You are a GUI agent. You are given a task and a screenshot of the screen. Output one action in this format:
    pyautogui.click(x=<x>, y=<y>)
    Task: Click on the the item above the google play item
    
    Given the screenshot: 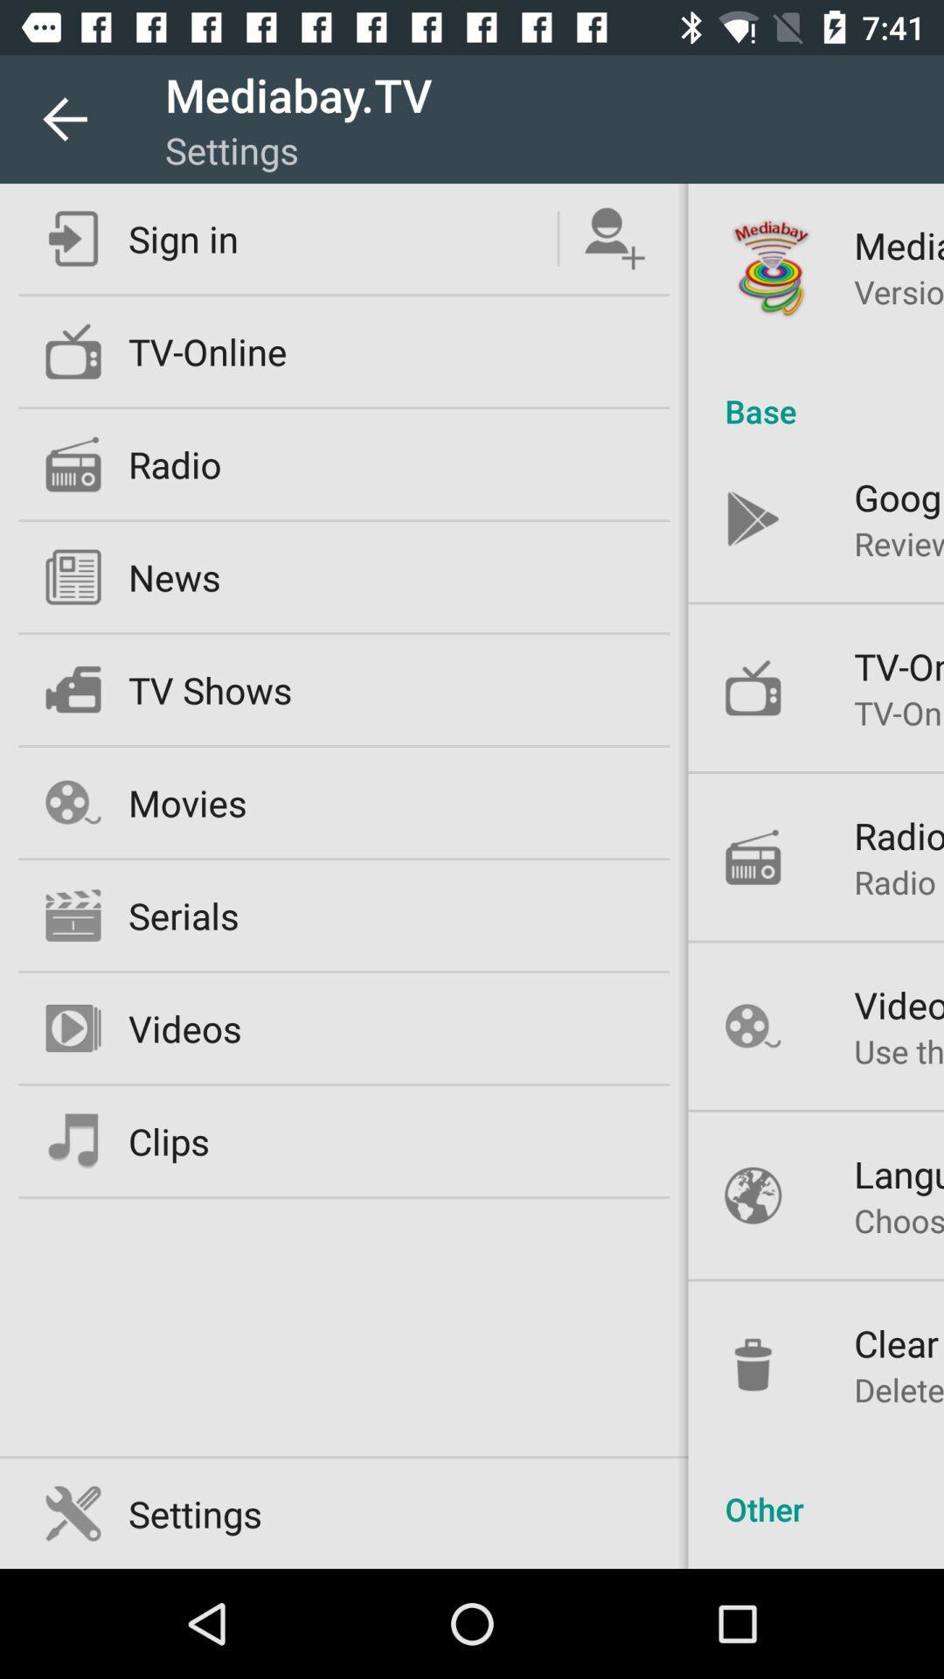 What is the action you would take?
    pyautogui.click(x=816, y=392)
    